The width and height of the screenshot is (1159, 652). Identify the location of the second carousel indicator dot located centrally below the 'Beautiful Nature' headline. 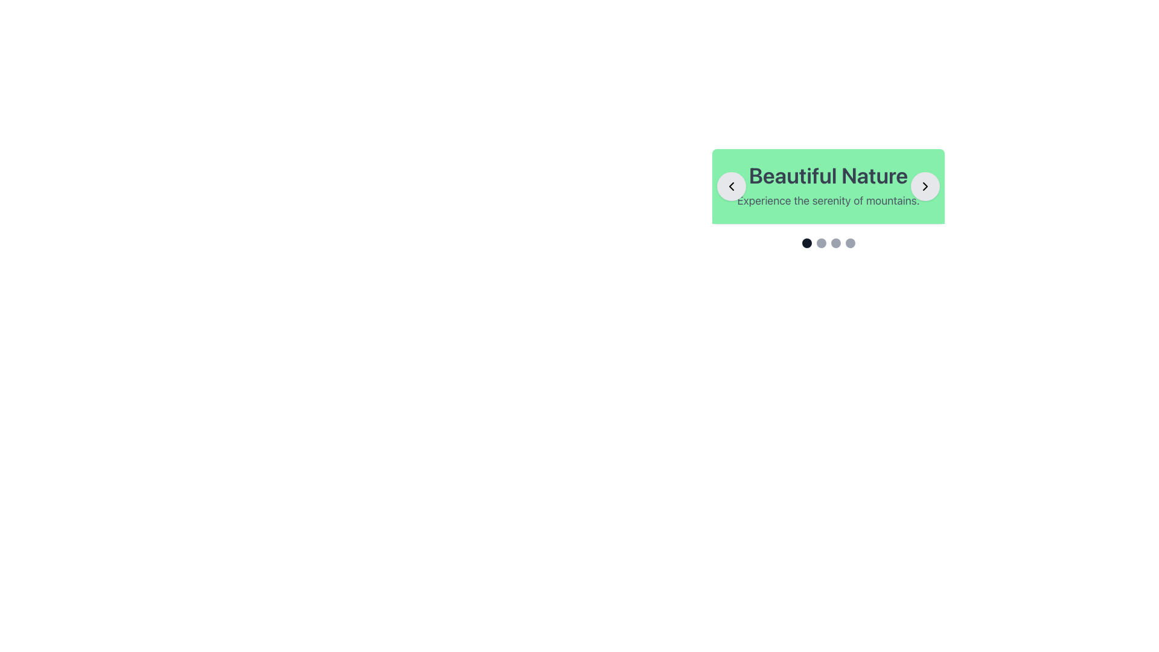
(828, 243).